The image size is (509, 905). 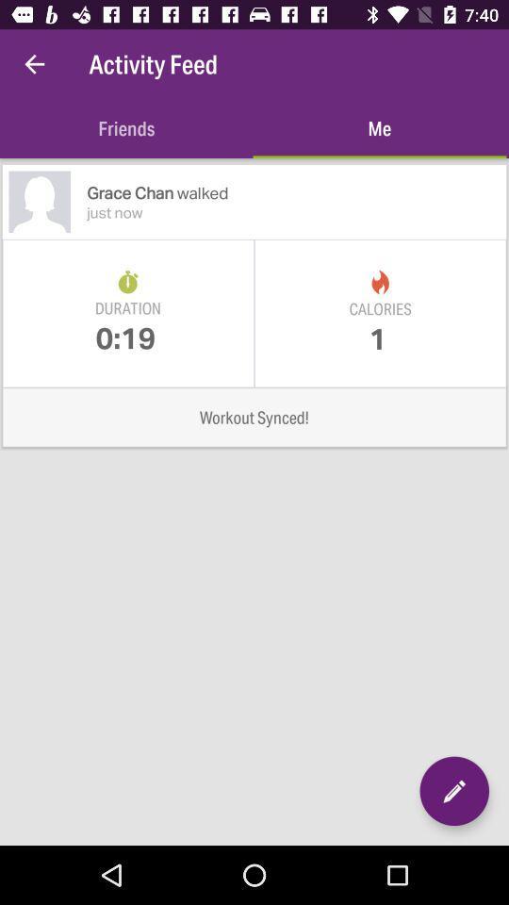 I want to click on tap edit option, so click(x=453, y=791).